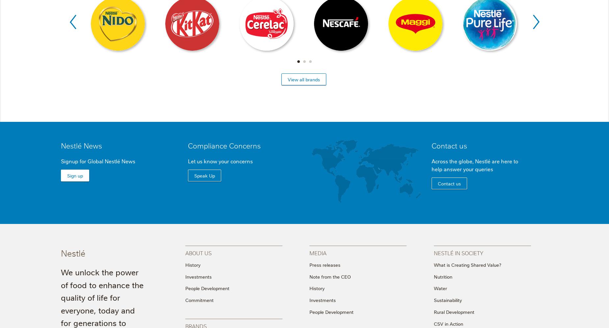 This screenshot has height=328, width=609. I want to click on 'Nestlé News', so click(81, 145).